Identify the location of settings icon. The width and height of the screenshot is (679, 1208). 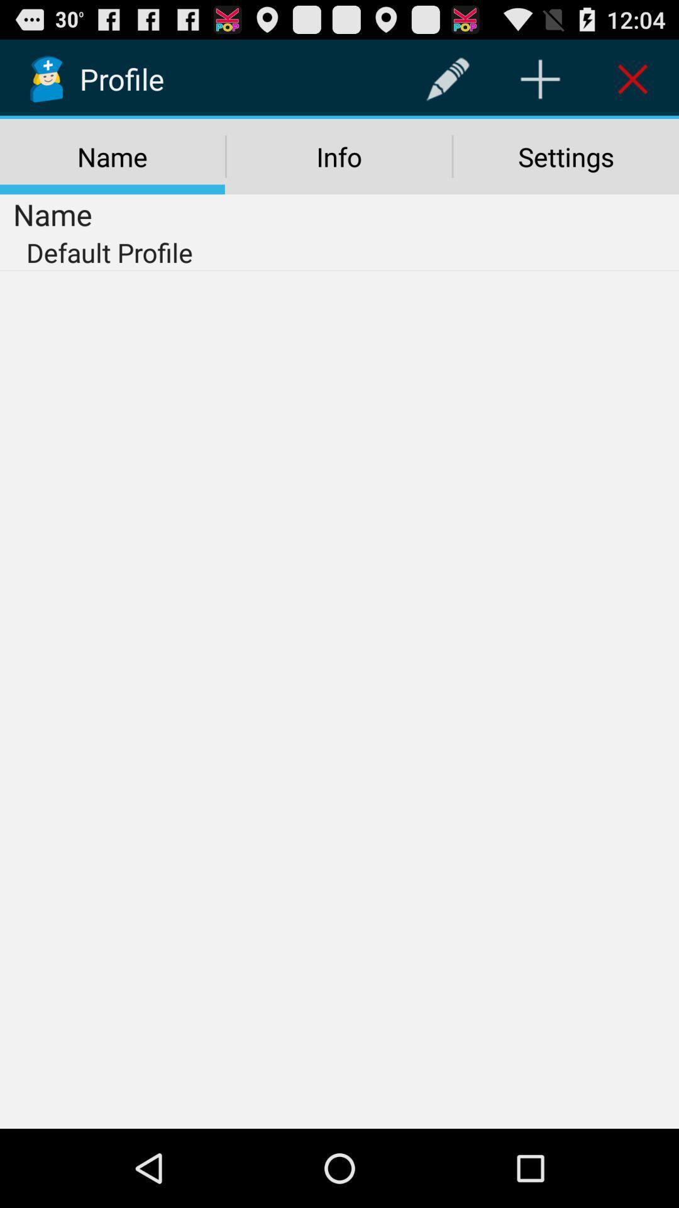
(566, 156).